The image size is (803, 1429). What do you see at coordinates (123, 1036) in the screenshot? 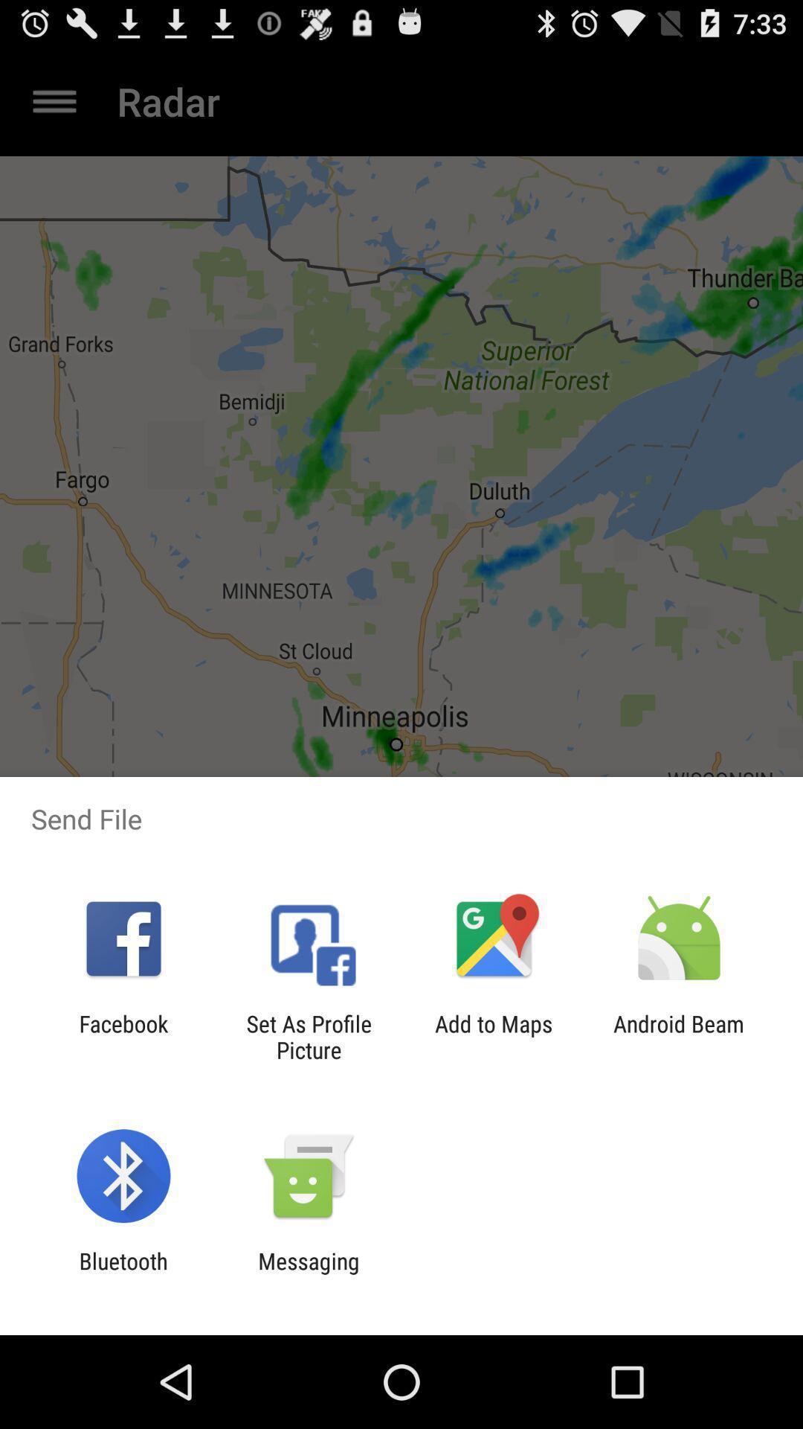
I see `the facebook icon` at bounding box center [123, 1036].